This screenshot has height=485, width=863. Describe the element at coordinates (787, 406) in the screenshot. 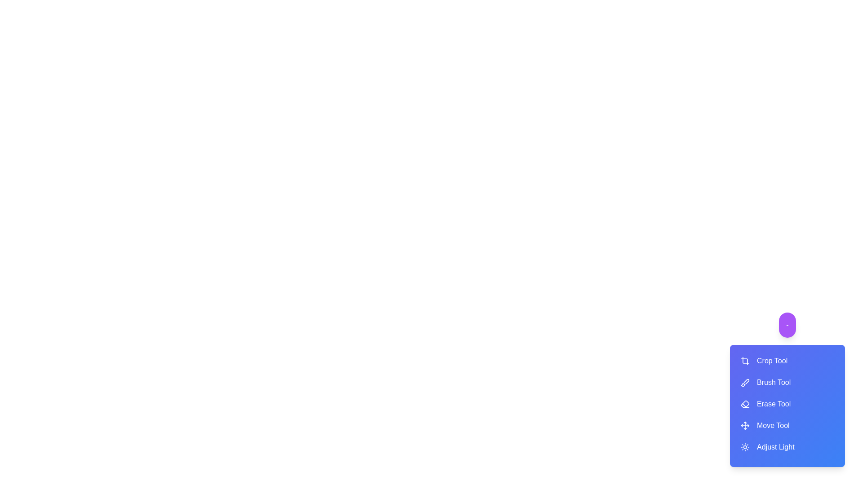

I see `a tool within the vertical toolbar or menu, which features a gradient background and contains icons and labels for tools like 'Crop Tool' and 'Brush Tool'` at that location.